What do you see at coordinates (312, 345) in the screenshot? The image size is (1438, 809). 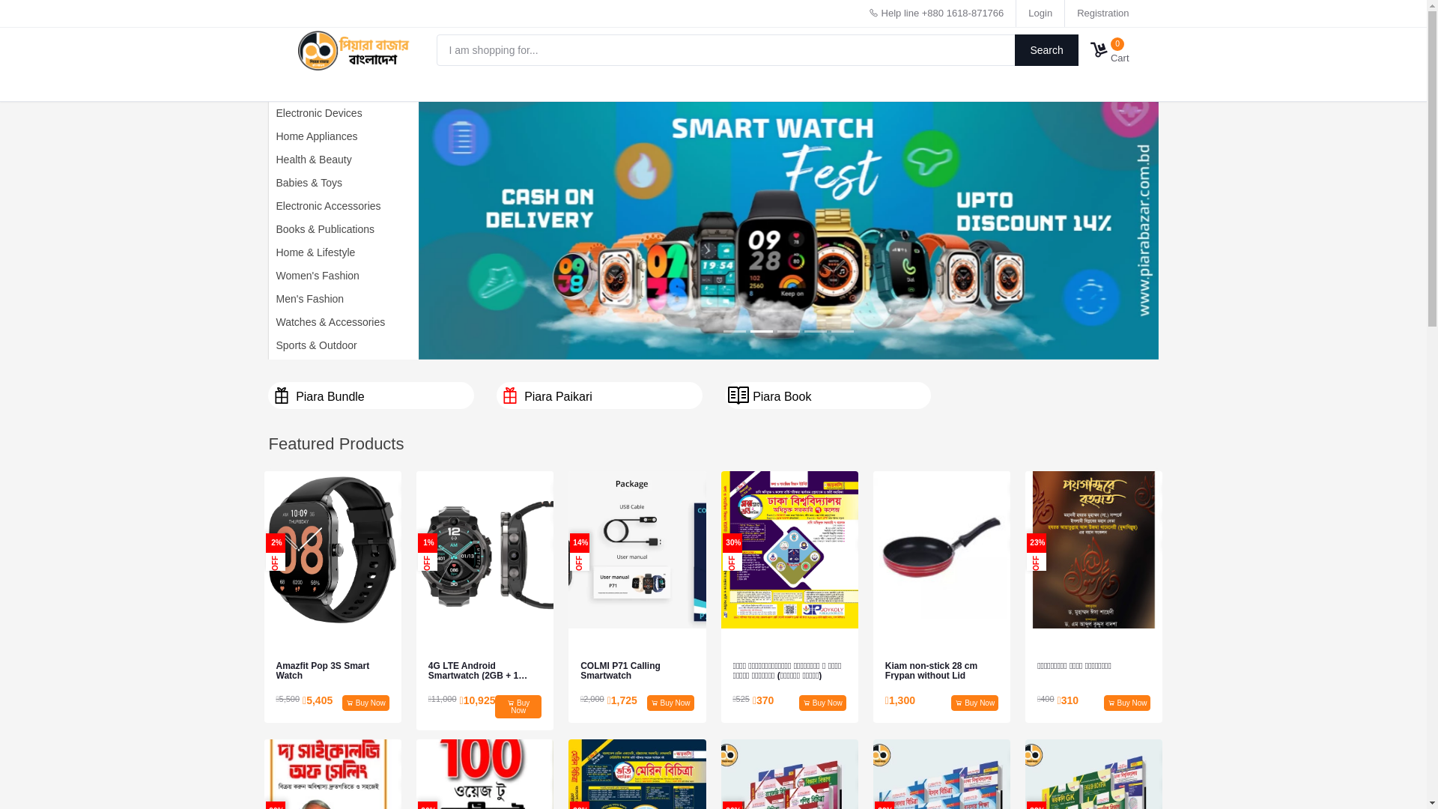 I see `'Sports & Outdoor'` at bounding box center [312, 345].